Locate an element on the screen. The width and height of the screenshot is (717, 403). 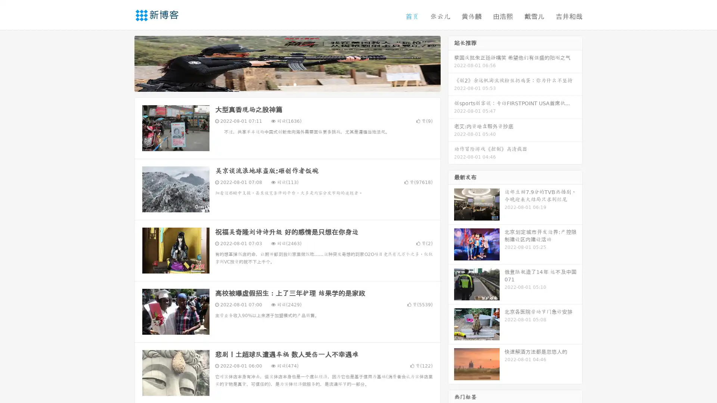
Next slide is located at coordinates (451, 63).